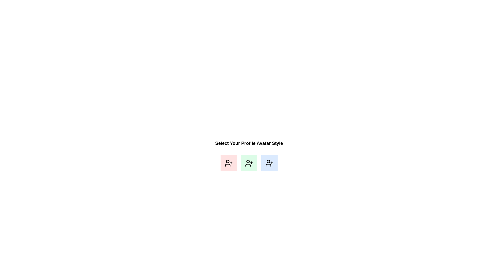  What do you see at coordinates (249, 163) in the screenshot?
I see `the icon representing the action to add or invite a user, located in the center of a green square button` at bounding box center [249, 163].